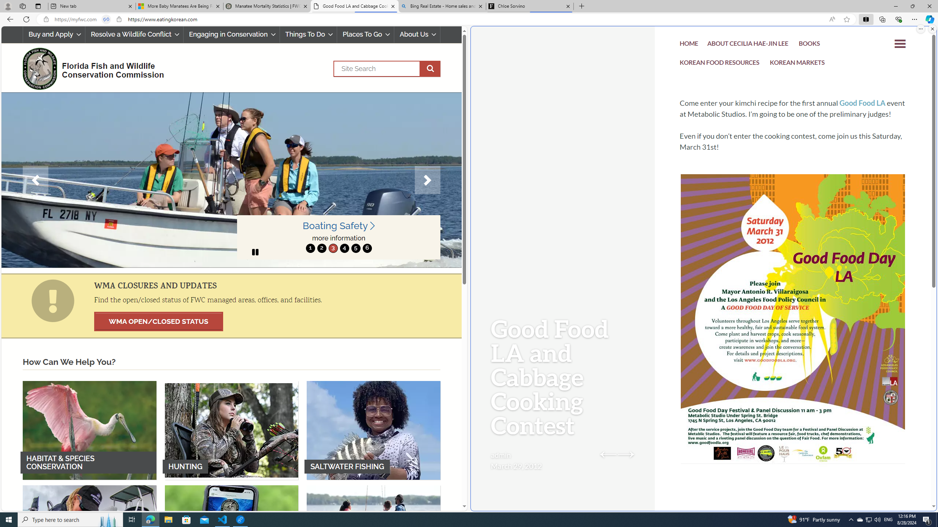 This screenshot has width=938, height=527. Describe the element at coordinates (339, 225) in the screenshot. I see `'Boating Safety '` at that location.